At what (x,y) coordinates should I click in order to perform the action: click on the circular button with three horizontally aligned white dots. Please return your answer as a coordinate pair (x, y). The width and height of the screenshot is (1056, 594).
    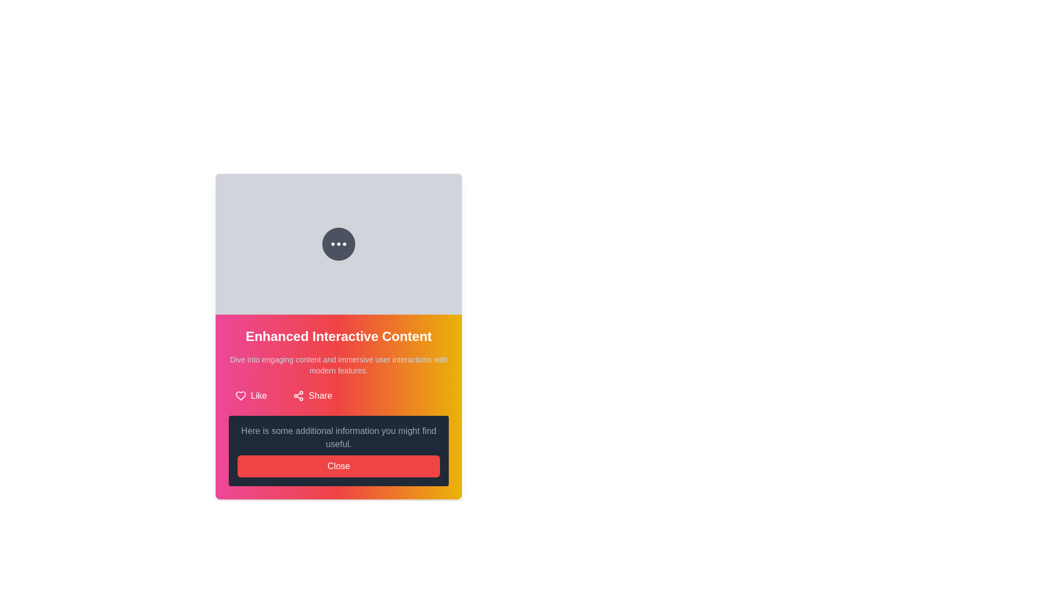
    Looking at the image, I should click on (338, 243).